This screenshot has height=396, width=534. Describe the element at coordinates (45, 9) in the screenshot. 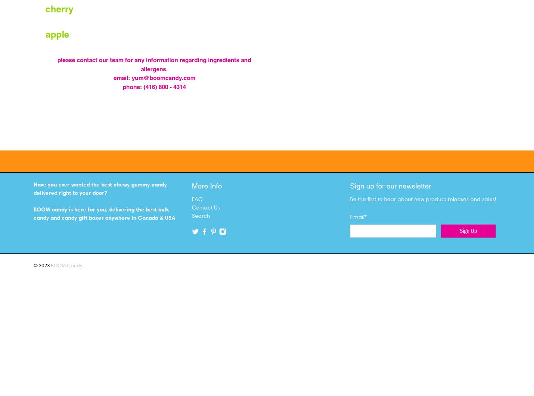

I see `'cherry'` at that location.